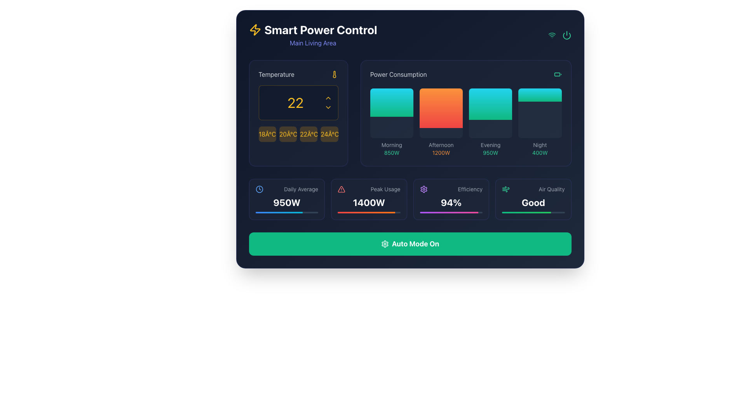 The height and width of the screenshot is (419, 746). What do you see at coordinates (298, 113) in the screenshot?
I see `the Interactive temperature control panel to interact with its temperature control options, including the increment and decrement arrows, and the temperature selection options` at bounding box center [298, 113].